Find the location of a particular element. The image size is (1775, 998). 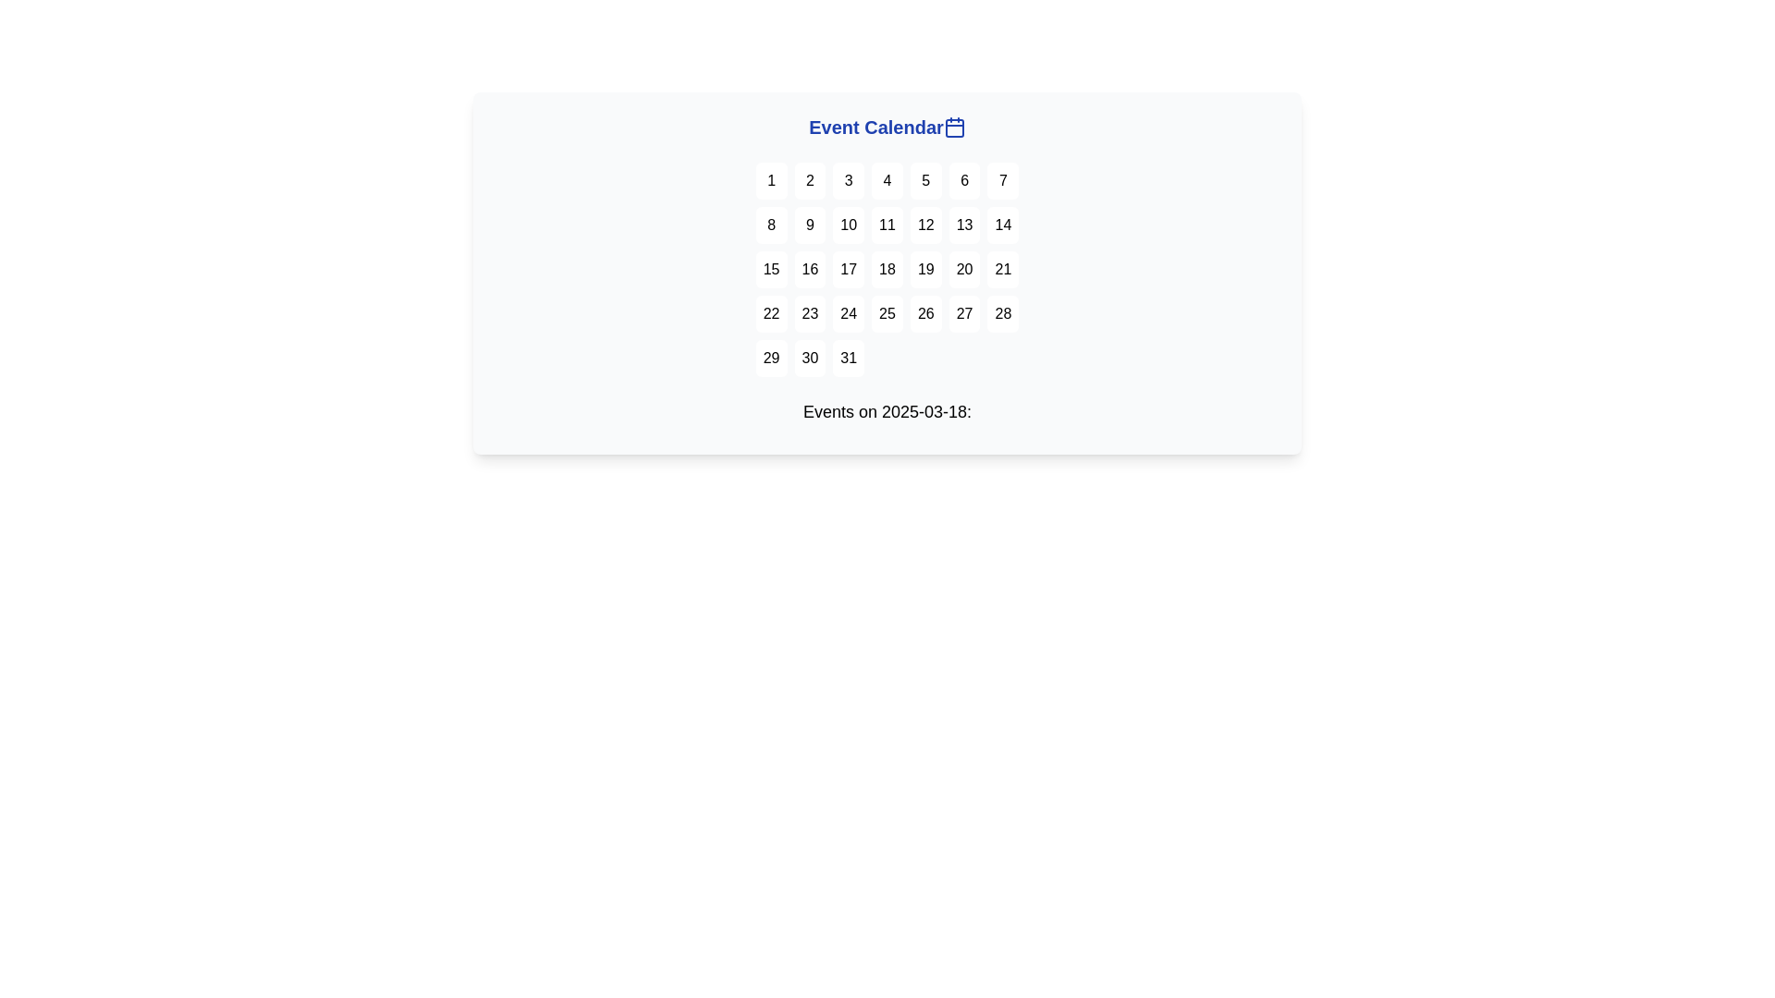

the button displaying the number '27' in bold black font, located in the bottom-most row of the calendar grid is located at coordinates (963, 312).